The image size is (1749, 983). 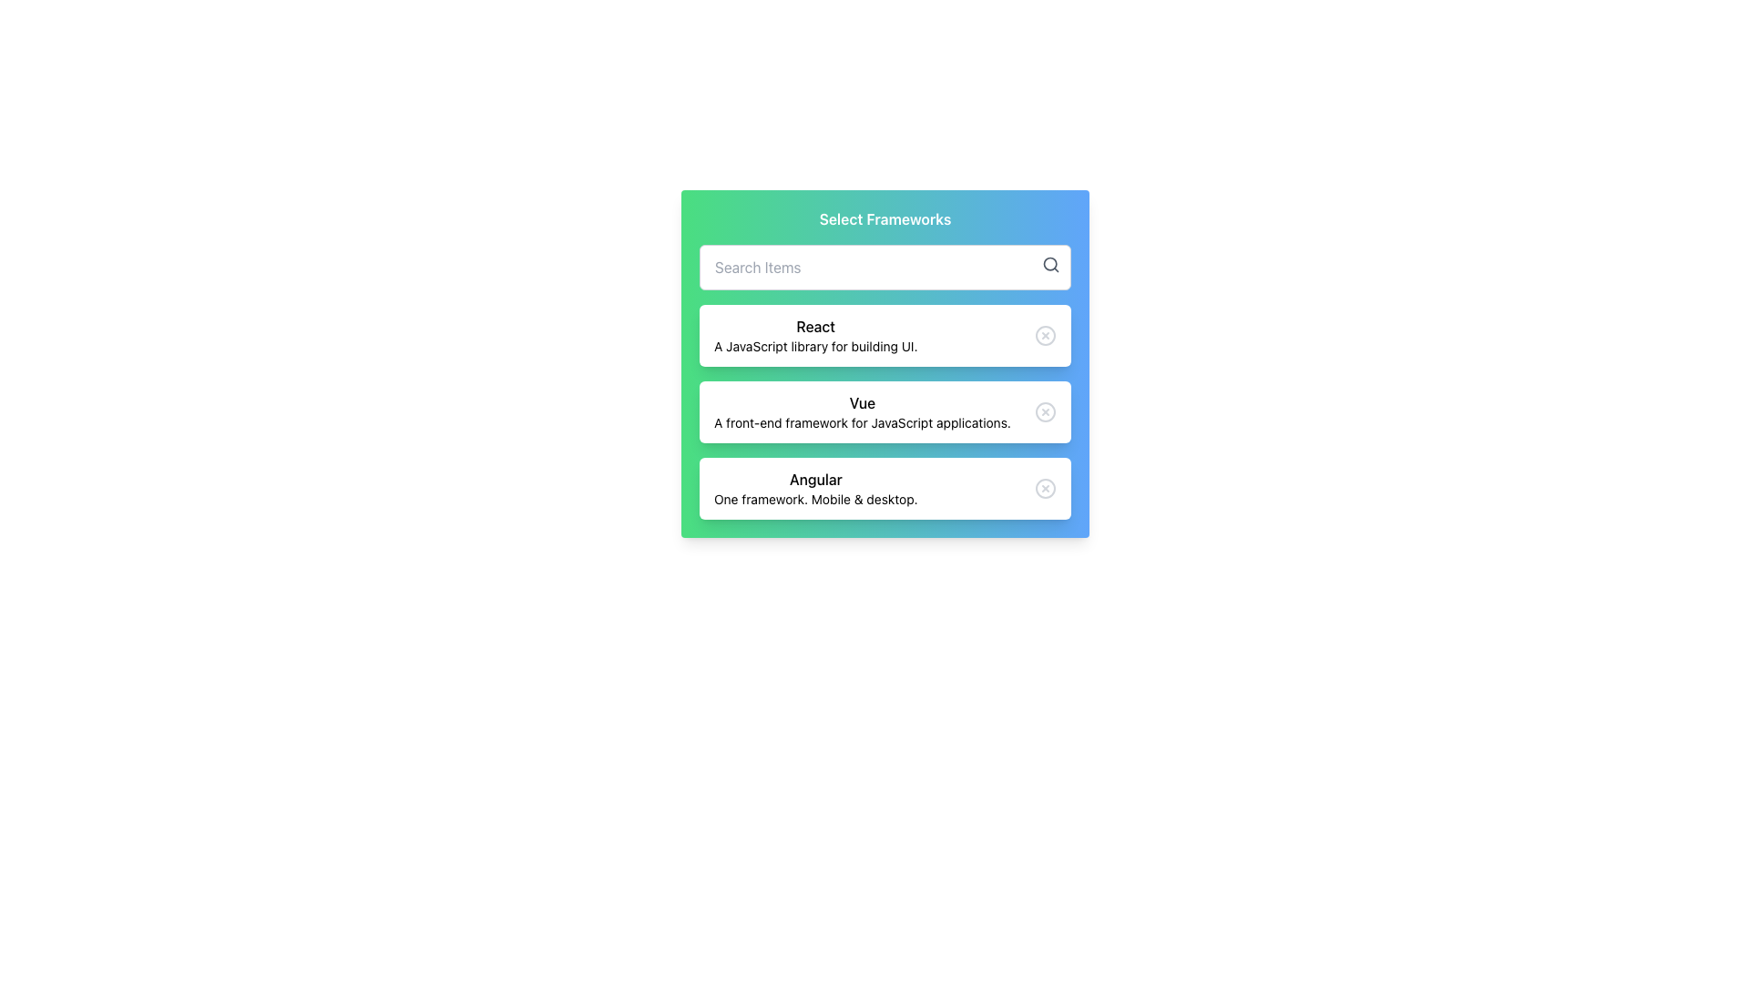 I want to click on the descriptive subtitle text located in the middle of the 'Vue' card, which provides additional information about the 'Vue' framework, so click(x=861, y=423).